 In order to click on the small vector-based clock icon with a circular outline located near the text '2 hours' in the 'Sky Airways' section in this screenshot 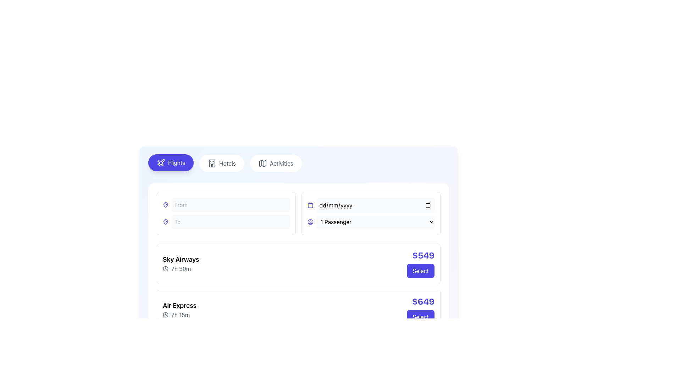, I will do `click(272, 264)`.